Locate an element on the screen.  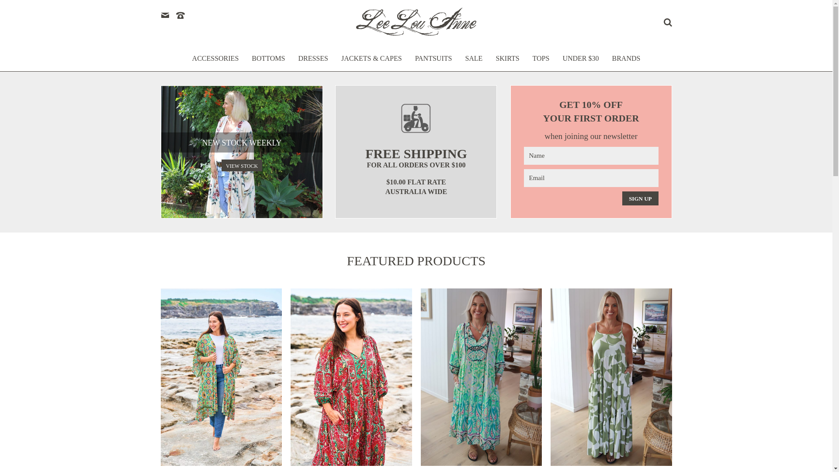
'Sign Up' is located at coordinates (640, 198).